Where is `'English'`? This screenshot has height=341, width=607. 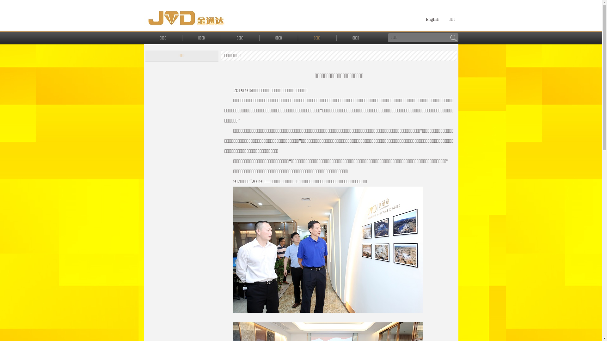 'English' is located at coordinates (432, 19).